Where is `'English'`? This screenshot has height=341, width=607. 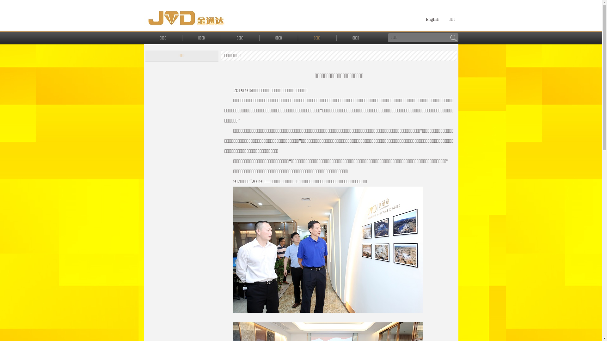 'English' is located at coordinates (432, 19).